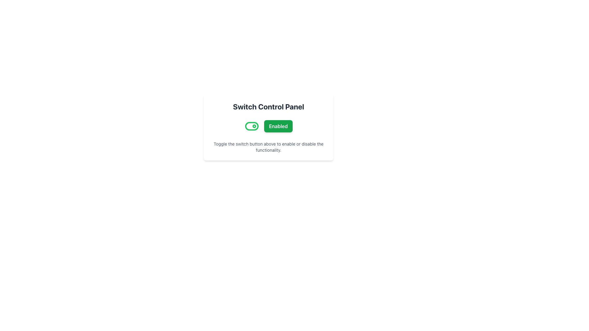 This screenshot has width=589, height=331. Describe the element at coordinates (268, 147) in the screenshot. I see `the informative description text located at the bottom of the 'Switch Control Panel', underneath the green toggle button and the 'Enabled' label` at that location.